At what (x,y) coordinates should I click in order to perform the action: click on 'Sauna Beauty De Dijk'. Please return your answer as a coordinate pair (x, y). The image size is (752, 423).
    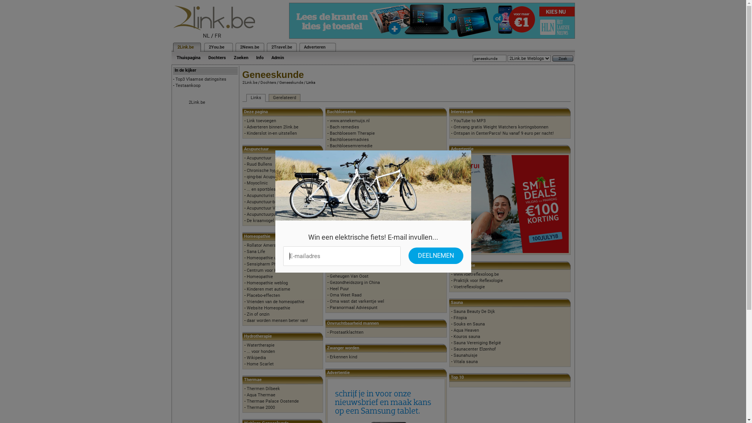
    Looking at the image, I should click on (453, 311).